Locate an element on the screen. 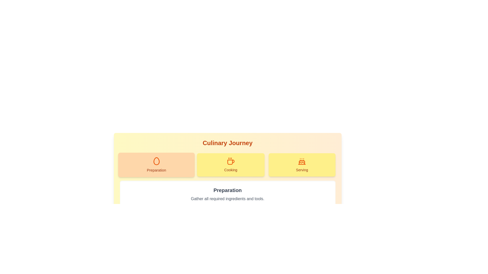 This screenshot has height=274, width=488. the Card element titled 'Cooking', which features a yellow background, an orange coffee cup icon at the top, and orange text below it, located centrally among three horizontally aligned boxes in the 'Culinary Journey' section is located at coordinates (230, 165).